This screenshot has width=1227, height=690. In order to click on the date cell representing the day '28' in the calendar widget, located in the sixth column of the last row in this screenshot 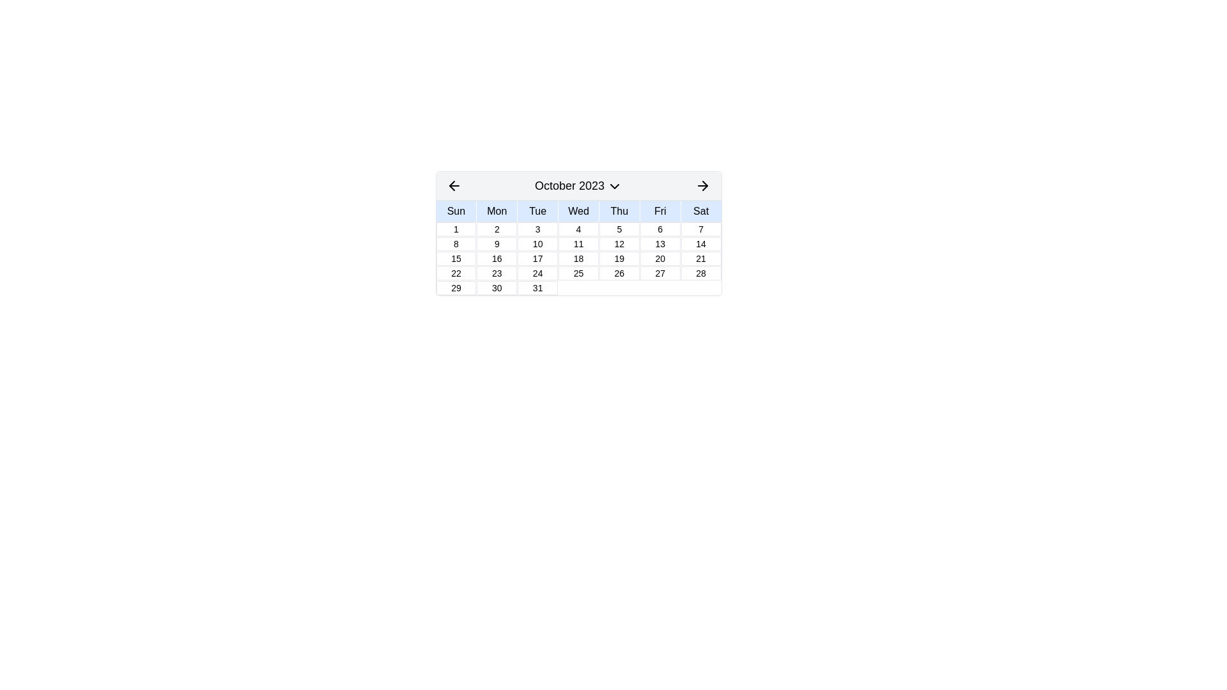, I will do `click(700, 273)`.